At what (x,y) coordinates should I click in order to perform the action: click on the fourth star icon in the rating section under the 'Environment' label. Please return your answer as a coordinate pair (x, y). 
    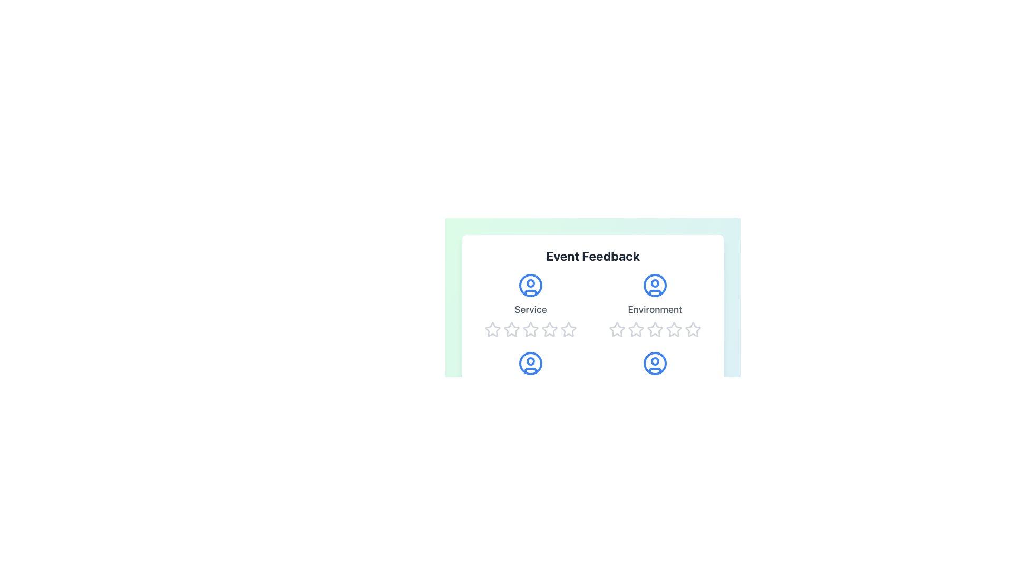
    Looking at the image, I should click on (693, 329).